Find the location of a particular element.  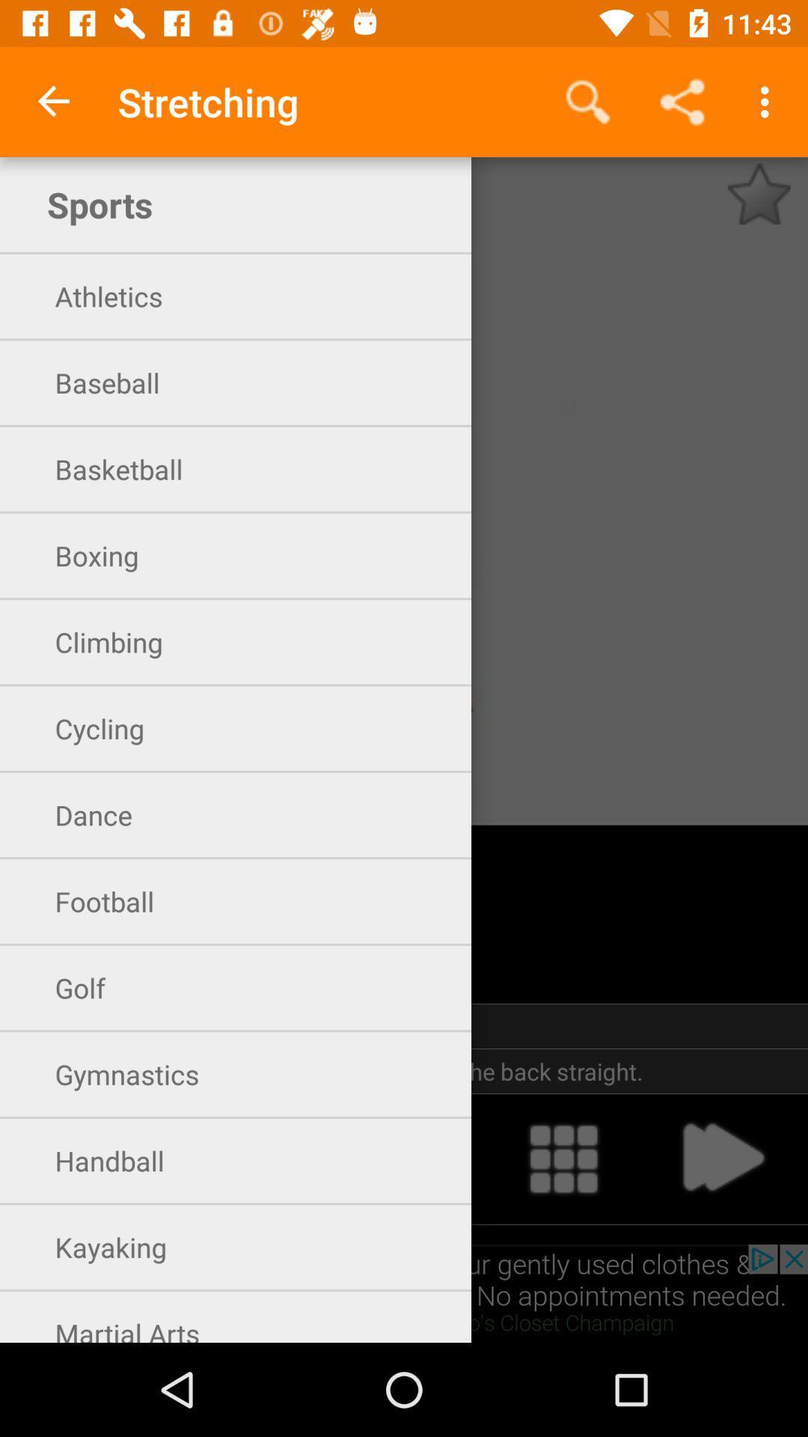

handball is located at coordinates (244, 1158).